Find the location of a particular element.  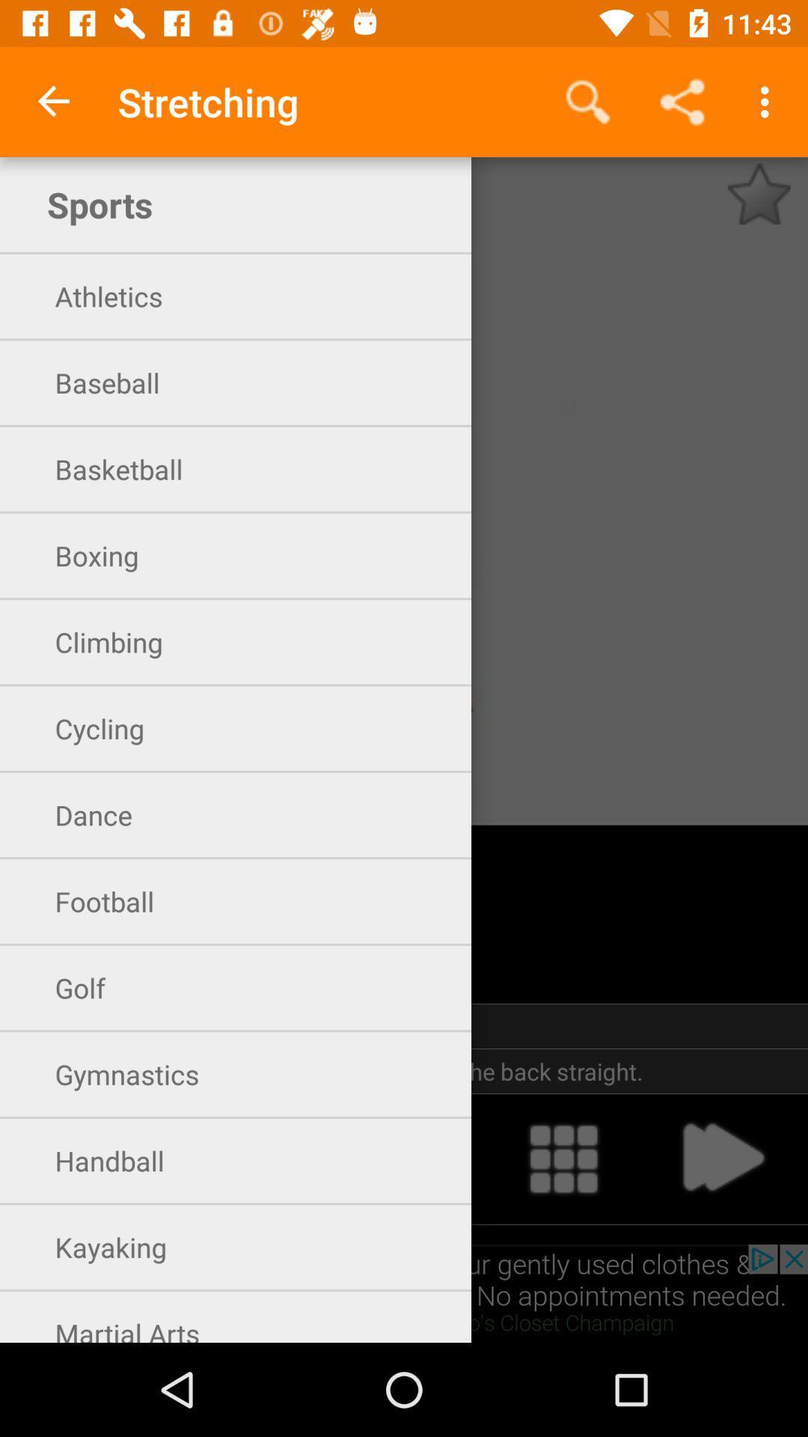

handball is located at coordinates (244, 1158).